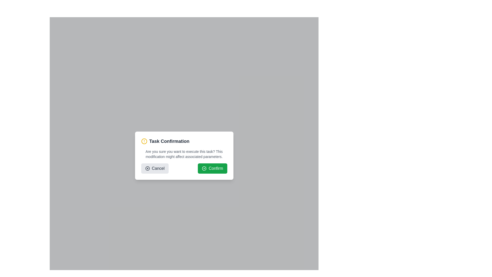 This screenshot has width=492, height=277. I want to click on the circular graphic element that is part of the close button design adjacent to the 'Cancel' button in the confirmation dialog, so click(147, 168).